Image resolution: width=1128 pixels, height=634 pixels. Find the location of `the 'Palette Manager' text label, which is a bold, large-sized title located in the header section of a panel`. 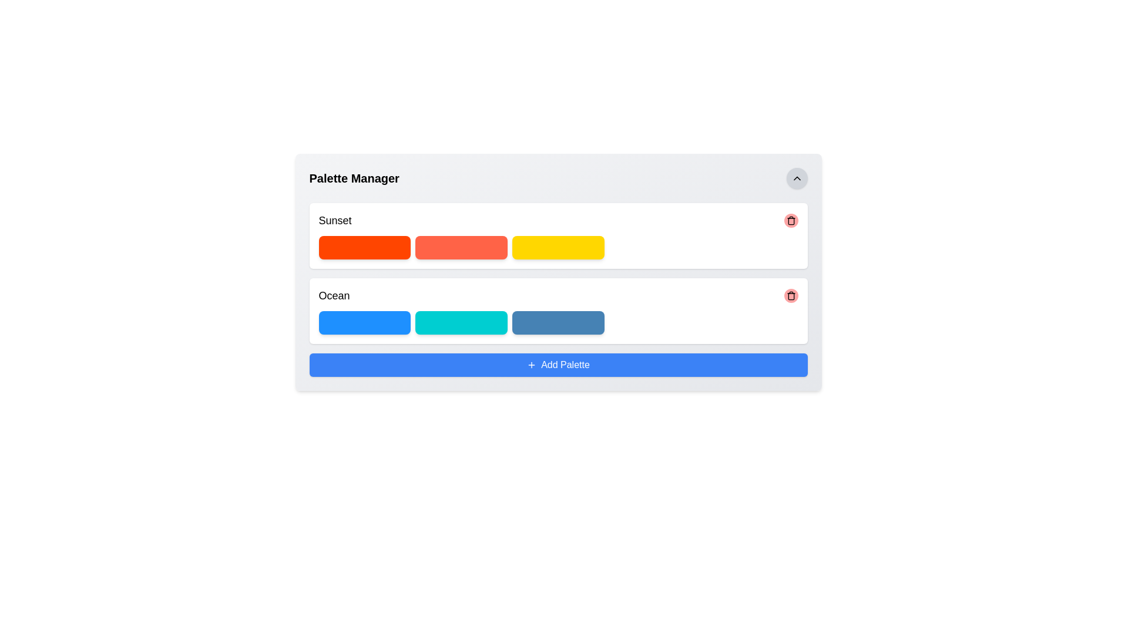

the 'Palette Manager' text label, which is a bold, large-sized title located in the header section of a panel is located at coordinates (354, 178).